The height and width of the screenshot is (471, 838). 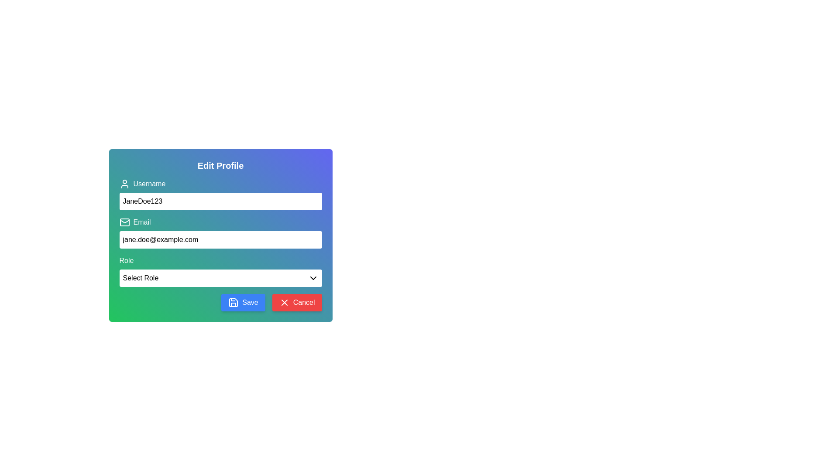 I want to click on the user profile editing form which has a gradient background from green to blue, white text, and rounded corners, so click(x=220, y=235).